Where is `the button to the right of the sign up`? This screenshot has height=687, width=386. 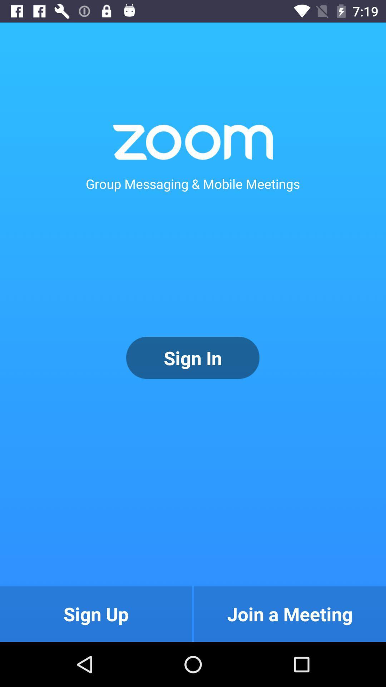
the button to the right of the sign up is located at coordinates (290, 614).